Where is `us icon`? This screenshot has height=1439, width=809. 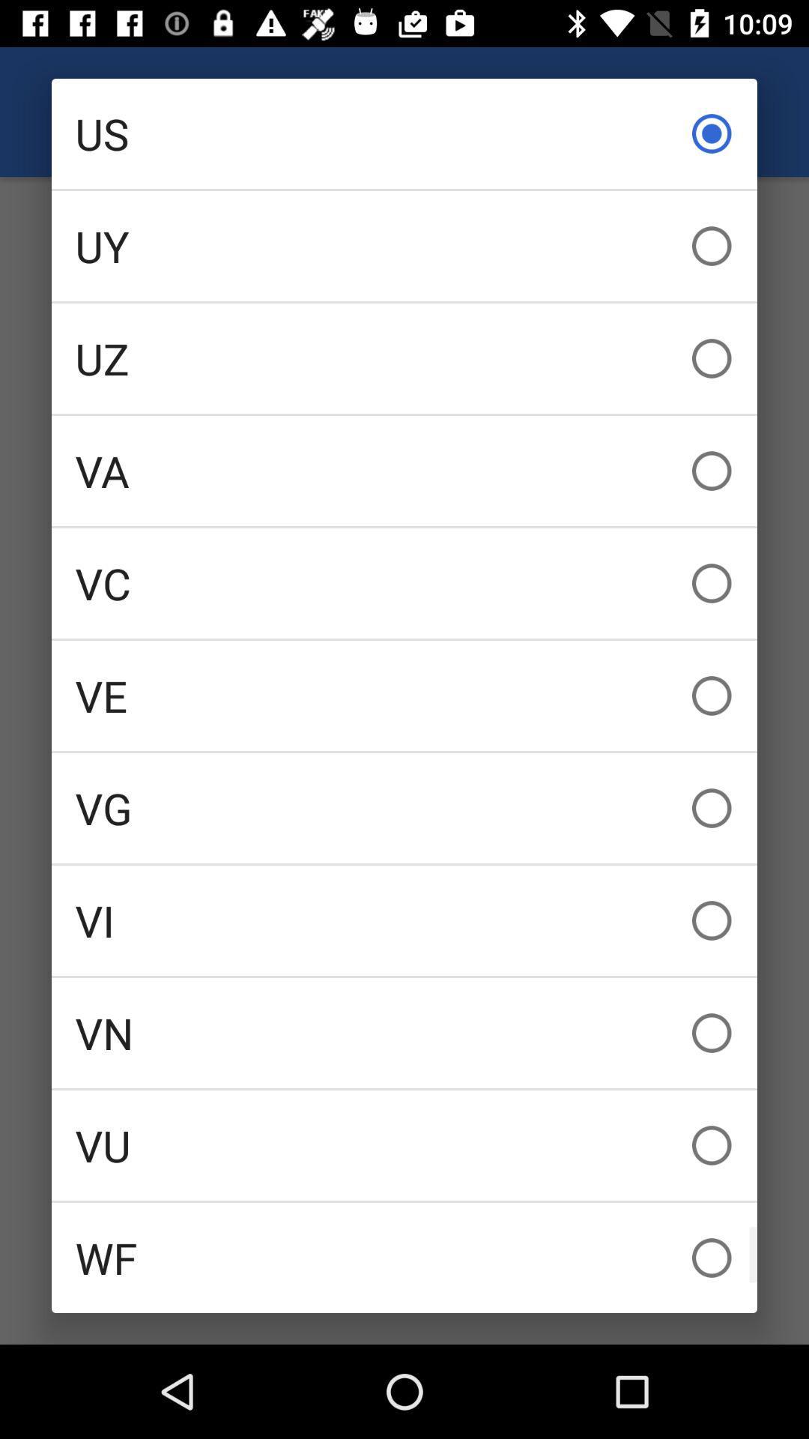
us icon is located at coordinates (404, 133).